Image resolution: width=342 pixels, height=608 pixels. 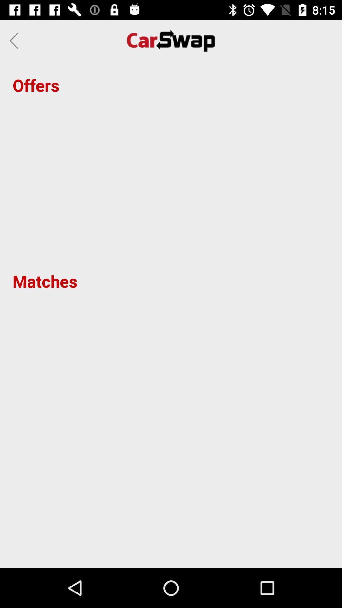 I want to click on go back, so click(x=16, y=40).